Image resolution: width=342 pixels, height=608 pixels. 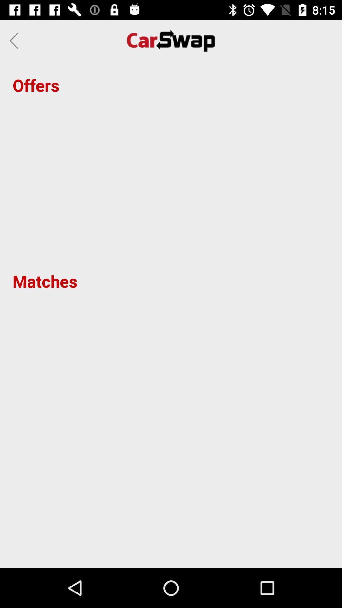 I want to click on go back, so click(x=16, y=40).